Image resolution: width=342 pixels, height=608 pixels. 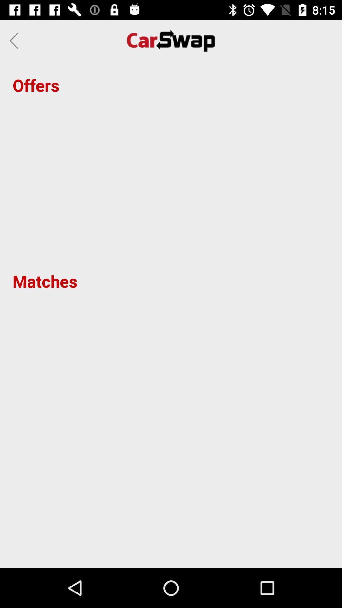 I want to click on go back, so click(x=16, y=40).